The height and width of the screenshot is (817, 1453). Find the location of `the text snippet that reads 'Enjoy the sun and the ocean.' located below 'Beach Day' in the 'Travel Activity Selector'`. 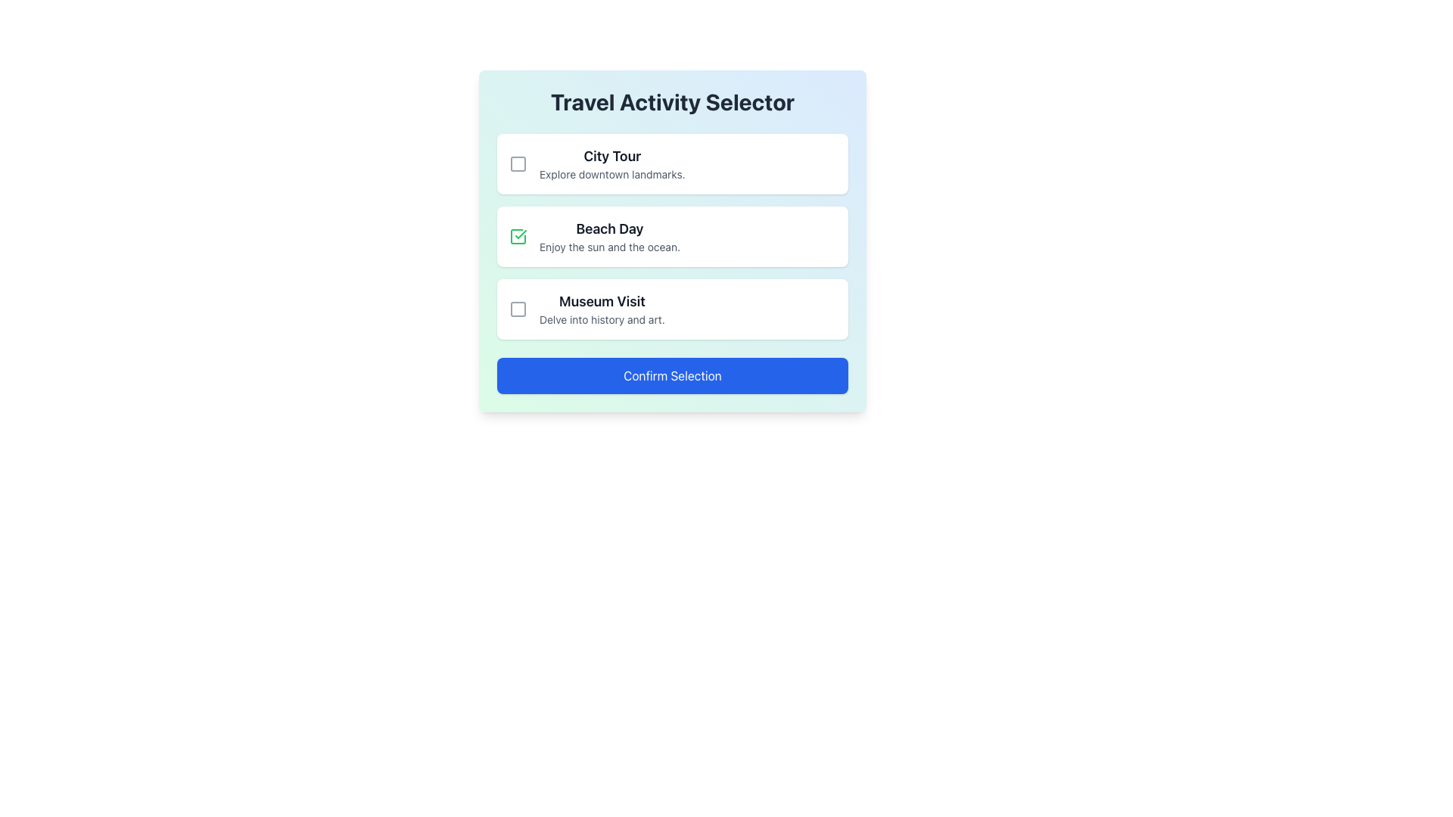

the text snippet that reads 'Enjoy the sun and the ocean.' located below 'Beach Day' in the 'Travel Activity Selector' is located at coordinates (610, 247).